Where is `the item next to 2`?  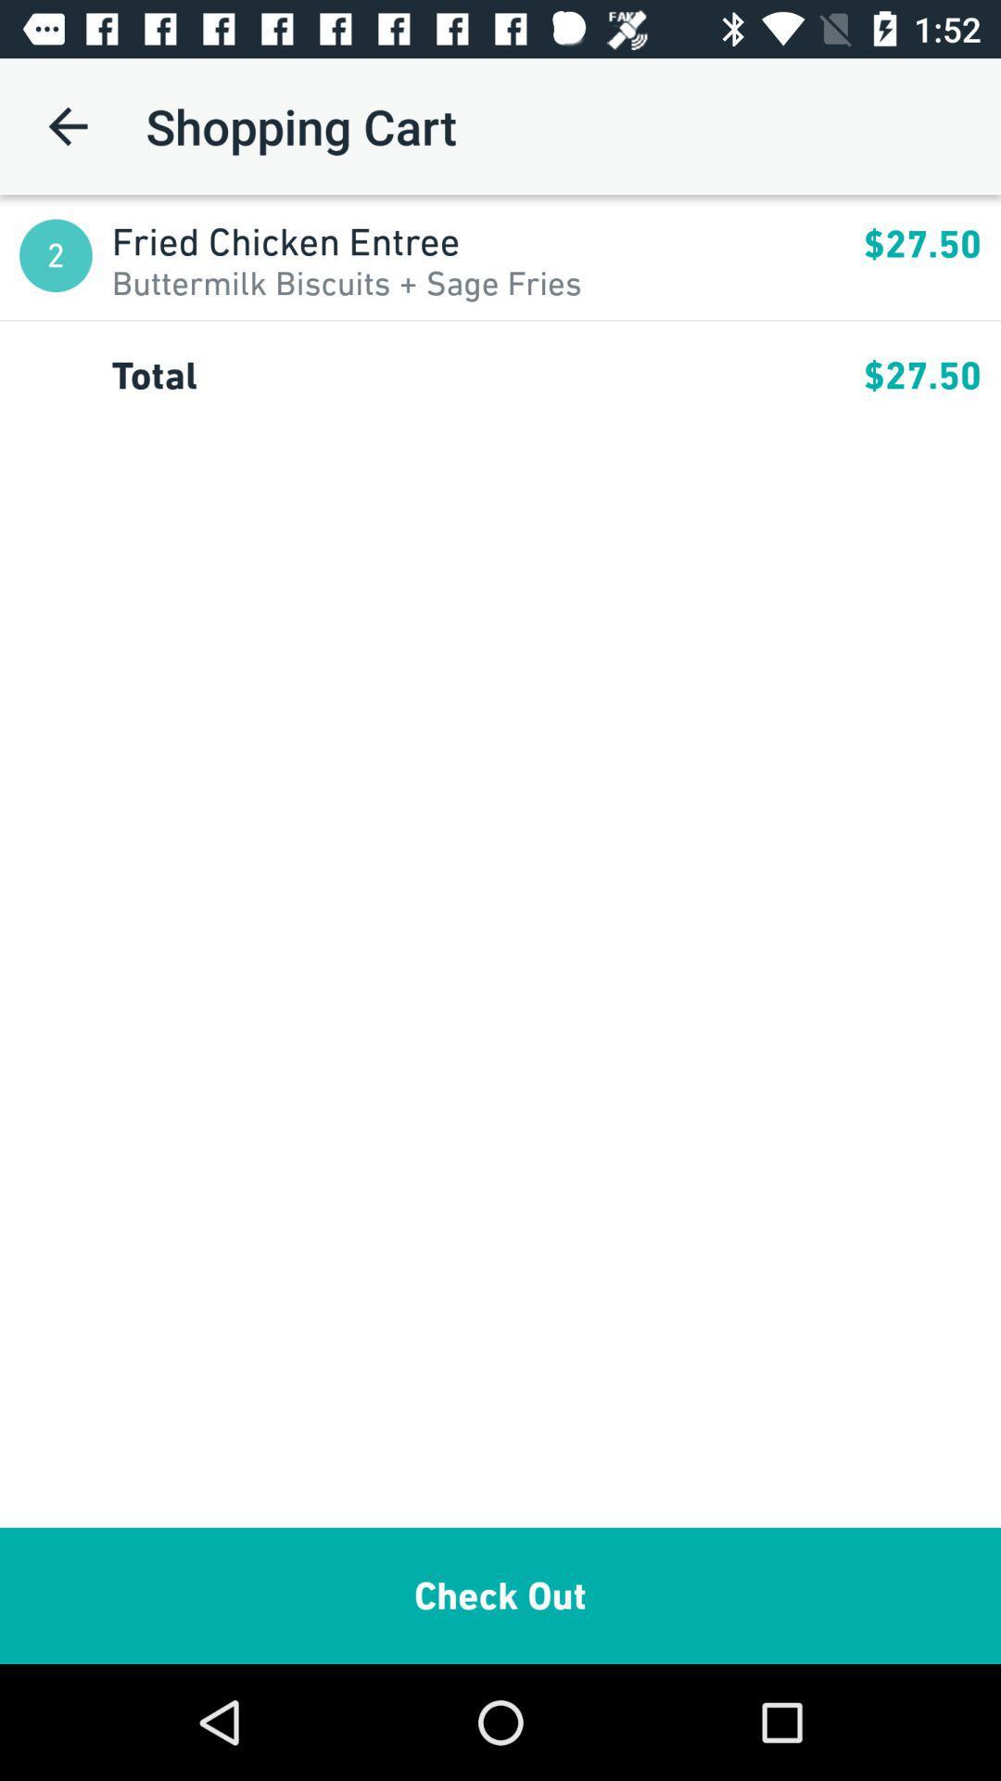
the item next to 2 is located at coordinates (347, 282).